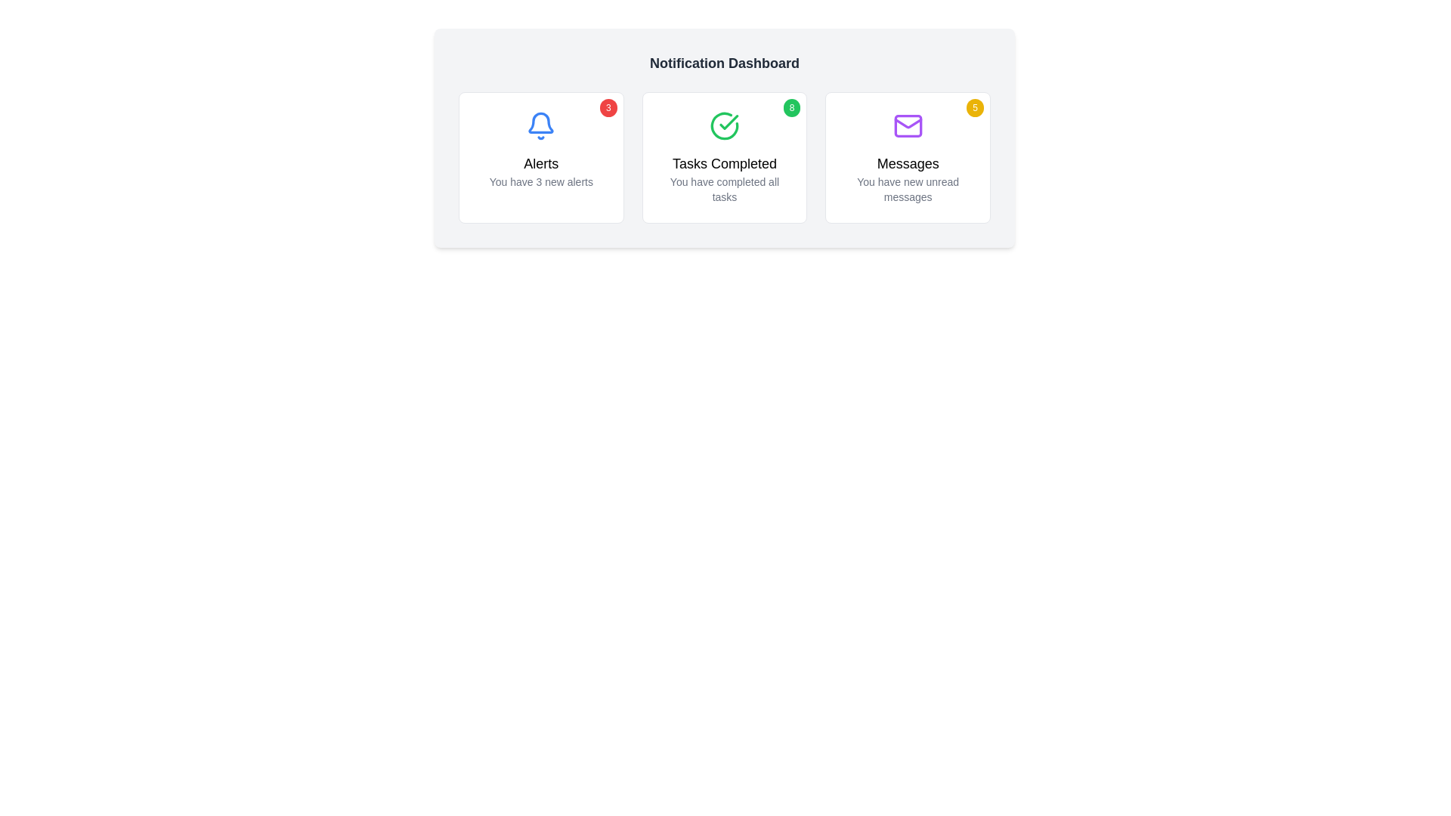 This screenshot has width=1451, height=816. I want to click on the bottom V-shaped line of the purple envelope icon in the 'Messages' section of the notification dashboard, so click(907, 122).